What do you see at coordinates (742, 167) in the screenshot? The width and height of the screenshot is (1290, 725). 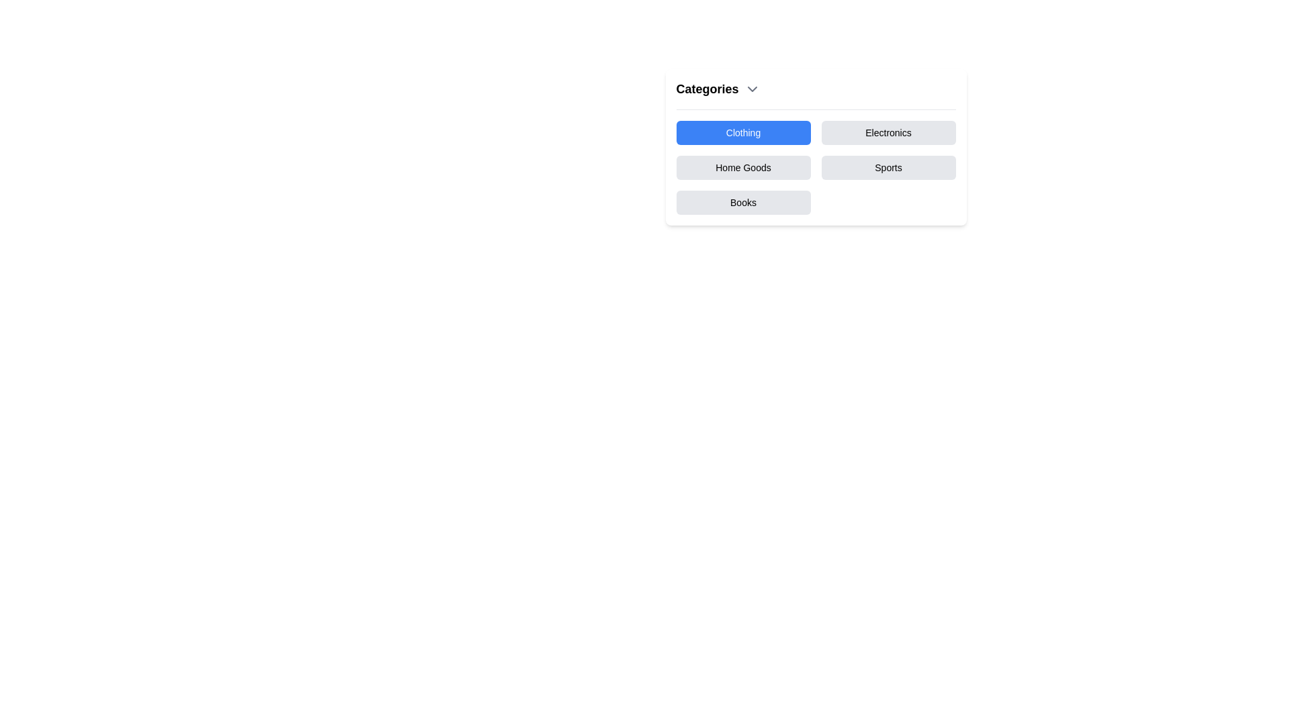 I see `the 'Home Goods' category button located in the first column of the second row in the category selection interface` at bounding box center [742, 167].